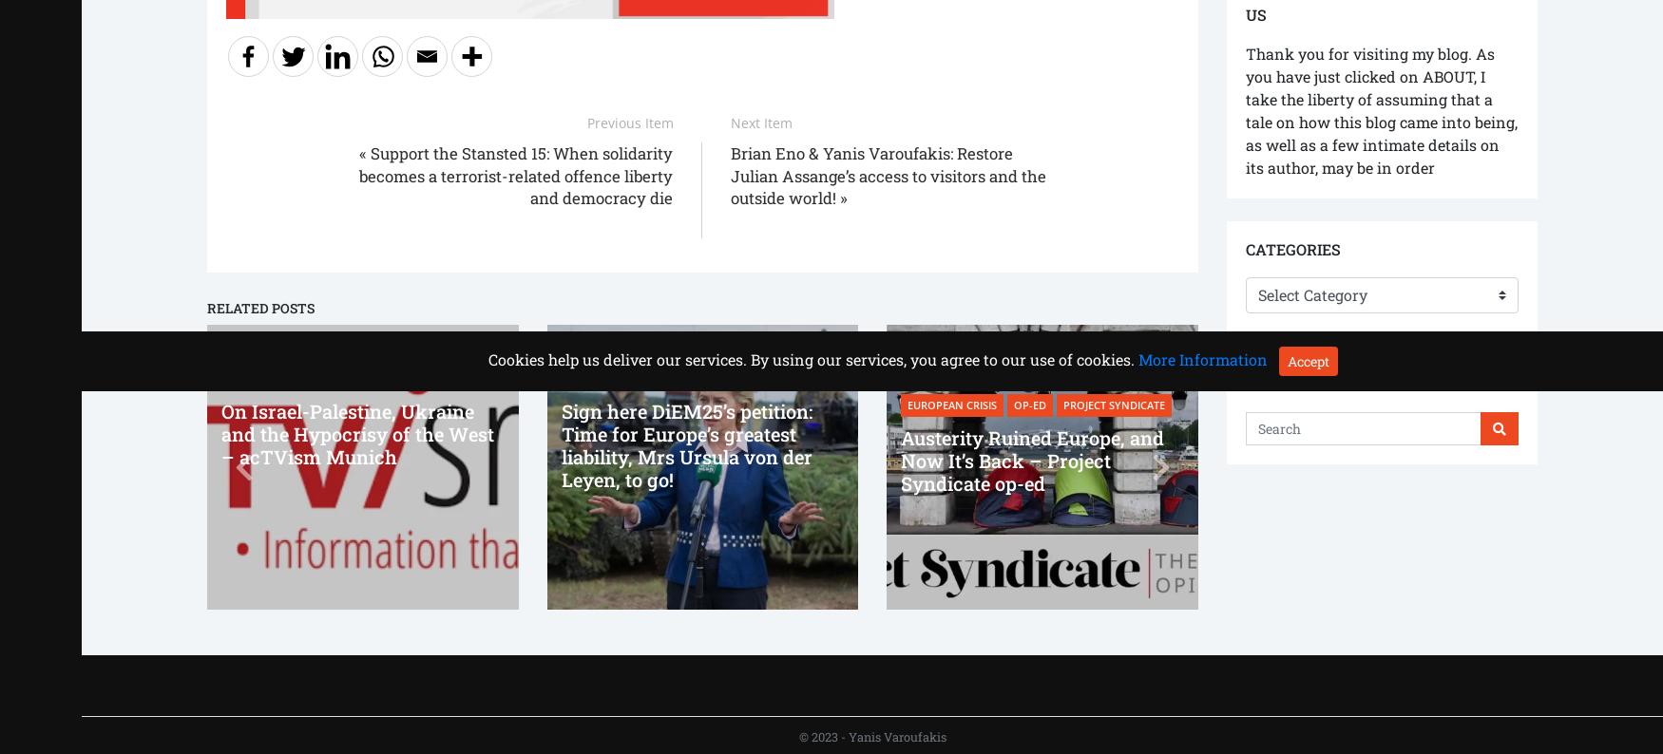  I want to click on 'US', so click(1255, 13).